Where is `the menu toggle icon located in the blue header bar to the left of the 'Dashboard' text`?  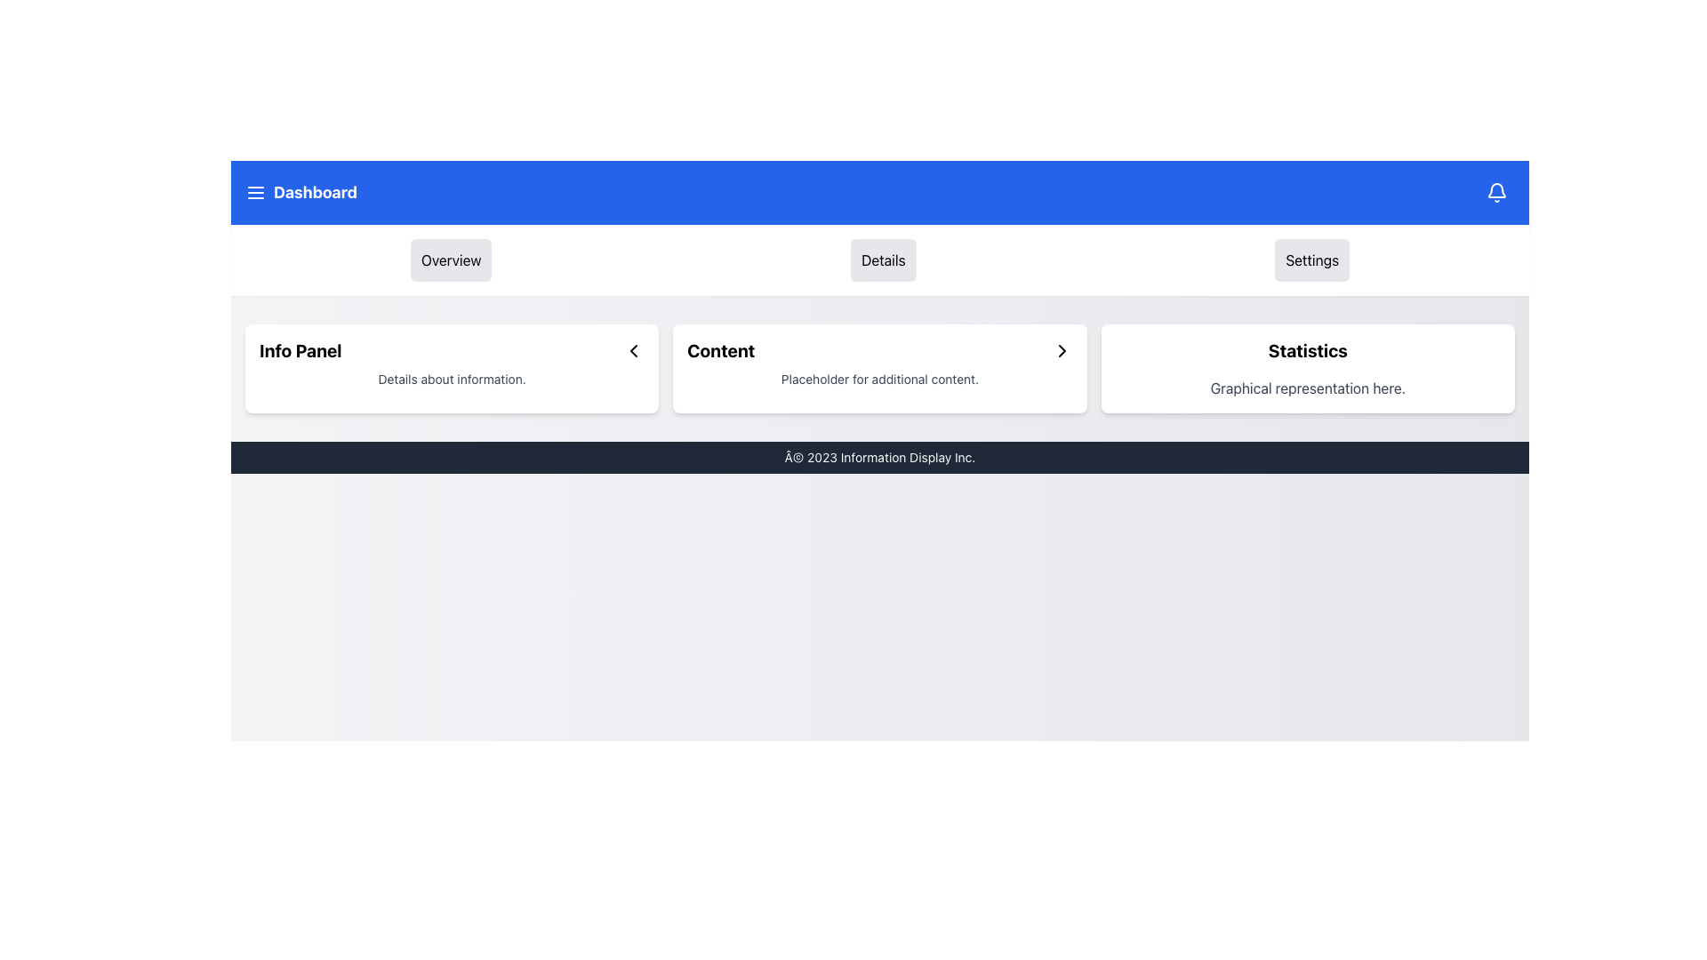
the menu toggle icon located in the blue header bar to the left of the 'Dashboard' text is located at coordinates (255, 192).